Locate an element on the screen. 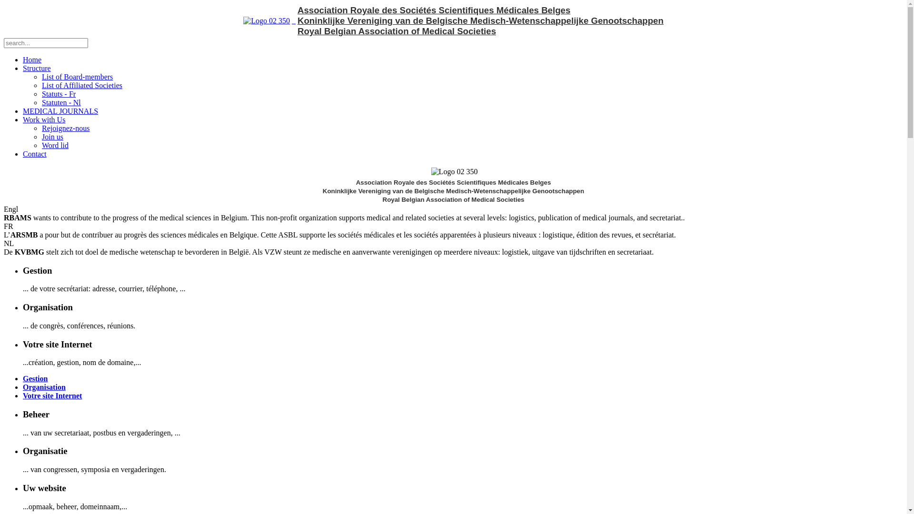 This screenshot has width=914, height=514. 'Join us' is located at coordinates (52, 137).